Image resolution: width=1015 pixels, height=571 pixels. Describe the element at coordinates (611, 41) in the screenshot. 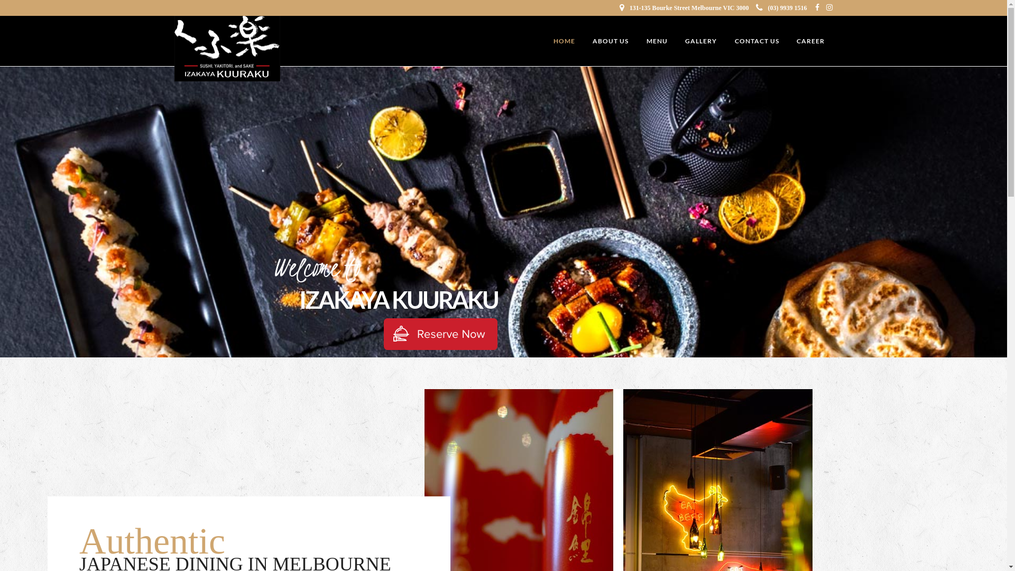

I see `'ABOUT US'` at that location.